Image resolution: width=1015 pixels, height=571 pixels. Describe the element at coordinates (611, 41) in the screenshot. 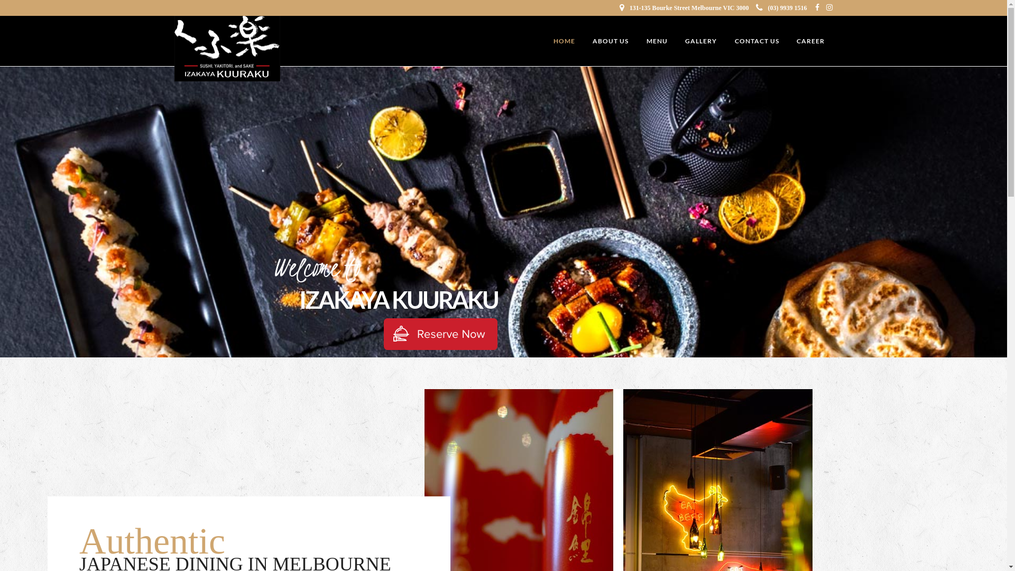

I see `'ABOUT US'` at that location.